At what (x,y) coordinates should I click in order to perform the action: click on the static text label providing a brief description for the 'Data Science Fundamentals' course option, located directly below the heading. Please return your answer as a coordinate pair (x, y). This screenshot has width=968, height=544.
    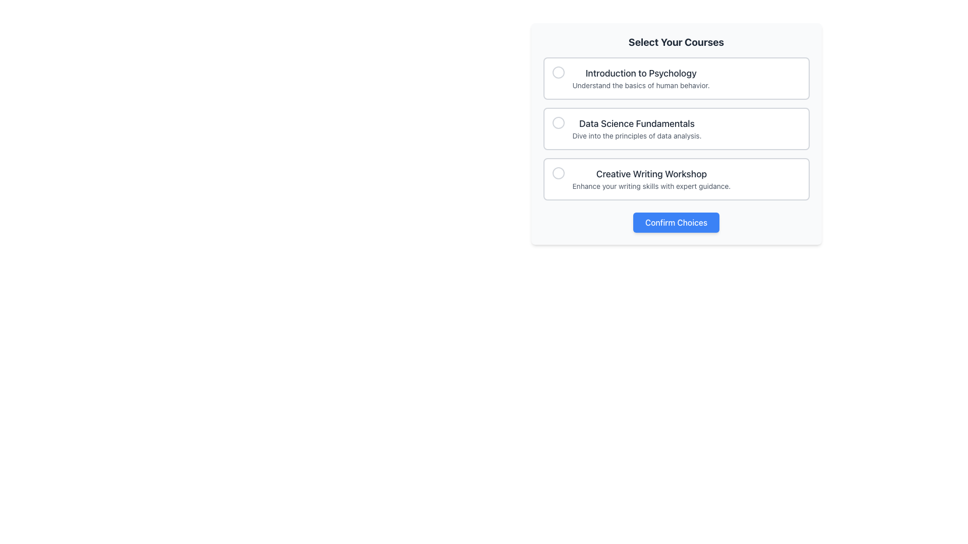
    Looking at the image, I should click on (636, 136).